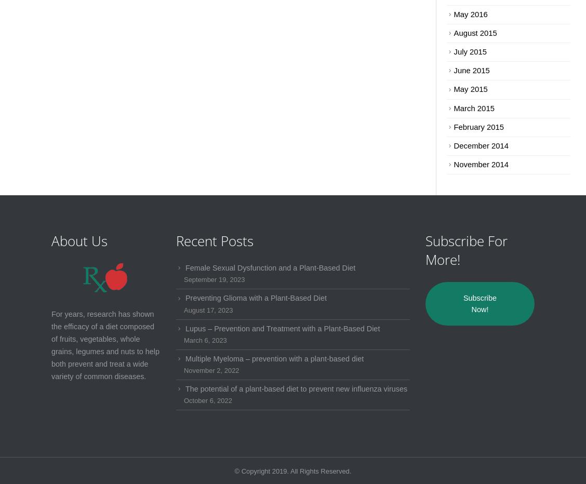 The width and height of the screenshot is (586, 484). I want to click on 'March 6, 2023', so click(205, 340).